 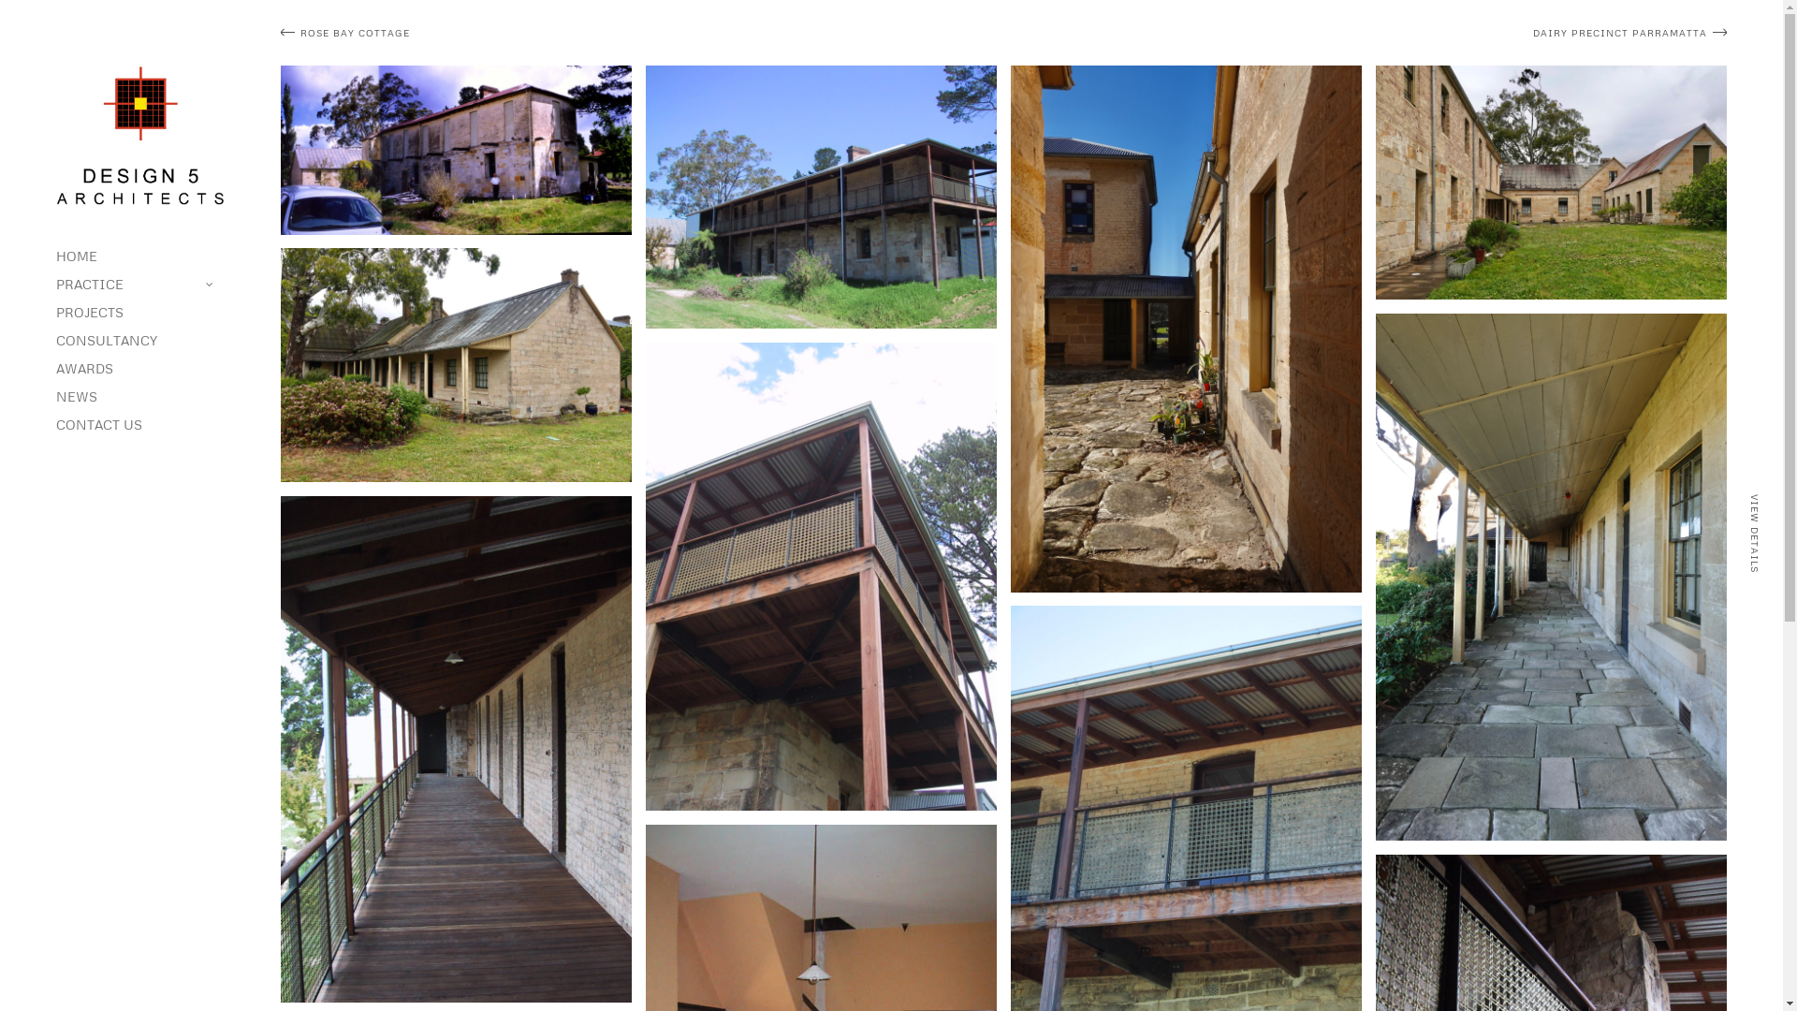 What do you see at coordinates (139, 368) in the screenshot?
I see `'AWARDS'` at bounding box center [139, 368].